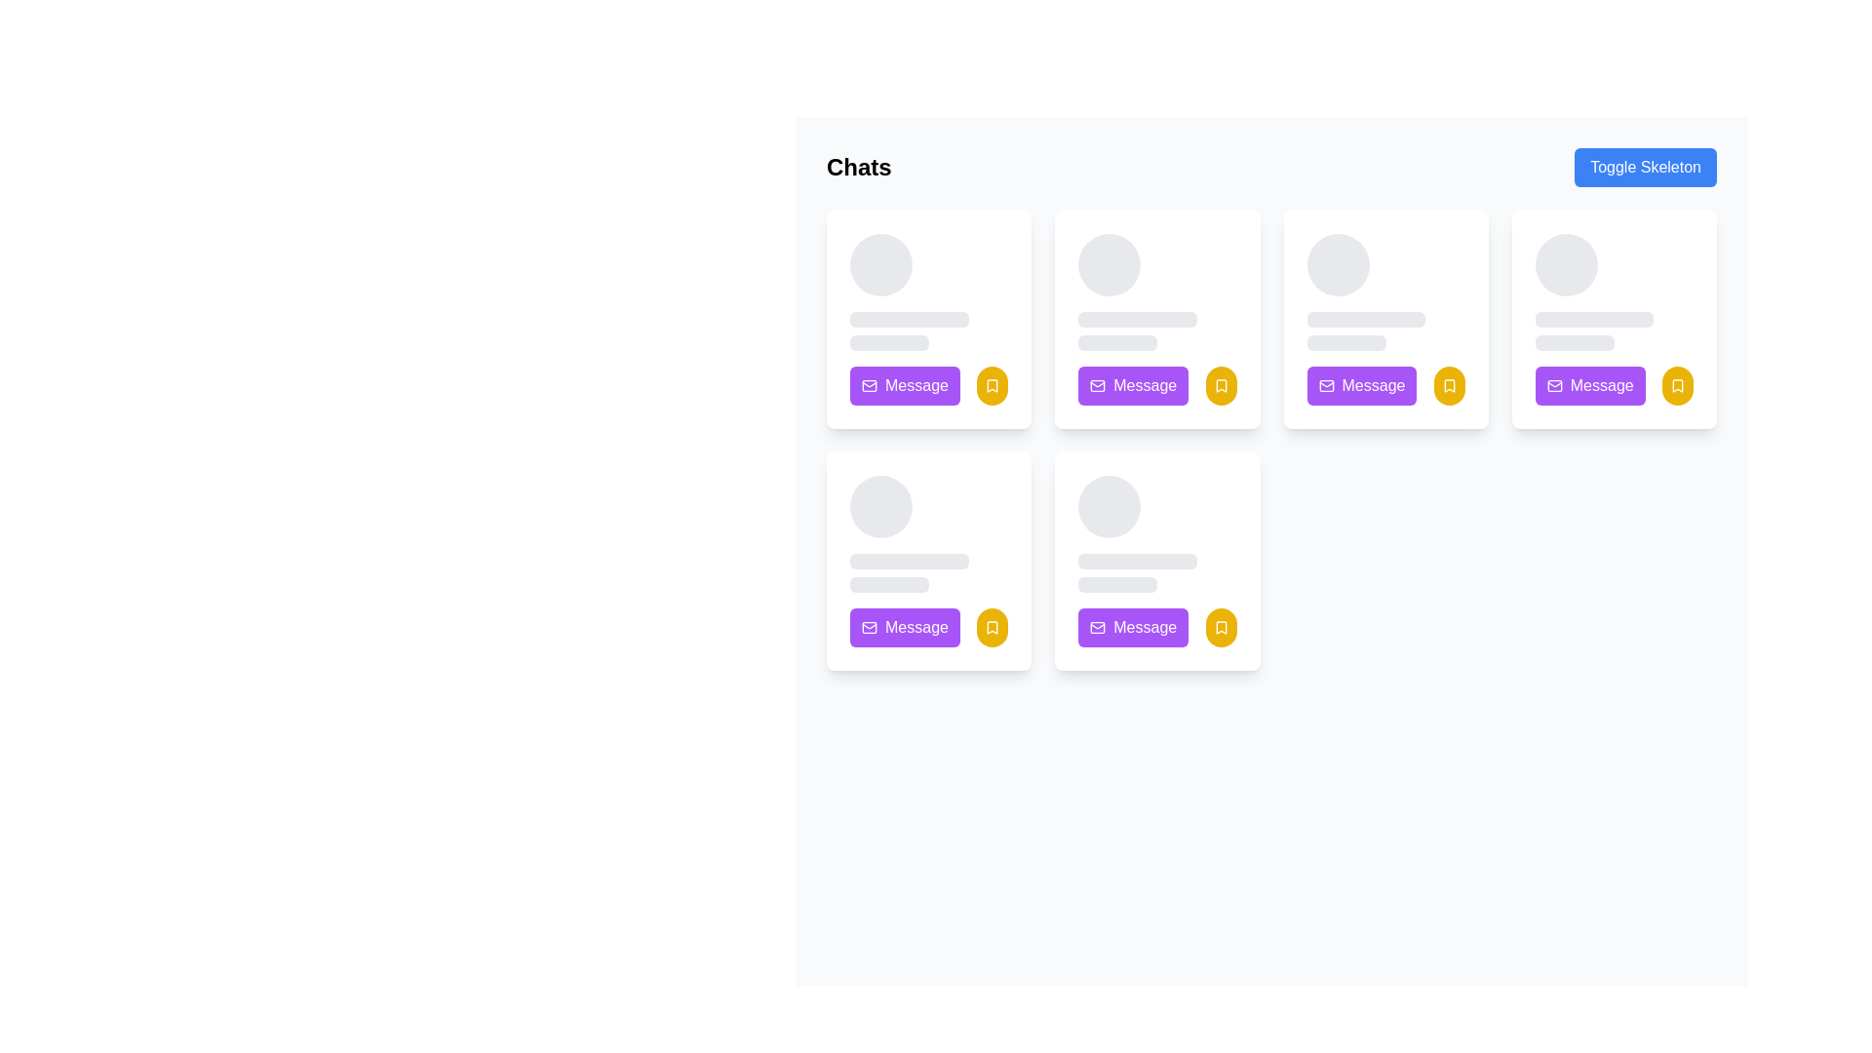 The image size is (1872, 1053). I want to click on the Circular Placeholder element which serves as a profile picture or avatar placeholder located in the second column of the second row in the card layout, so click(879, 506).